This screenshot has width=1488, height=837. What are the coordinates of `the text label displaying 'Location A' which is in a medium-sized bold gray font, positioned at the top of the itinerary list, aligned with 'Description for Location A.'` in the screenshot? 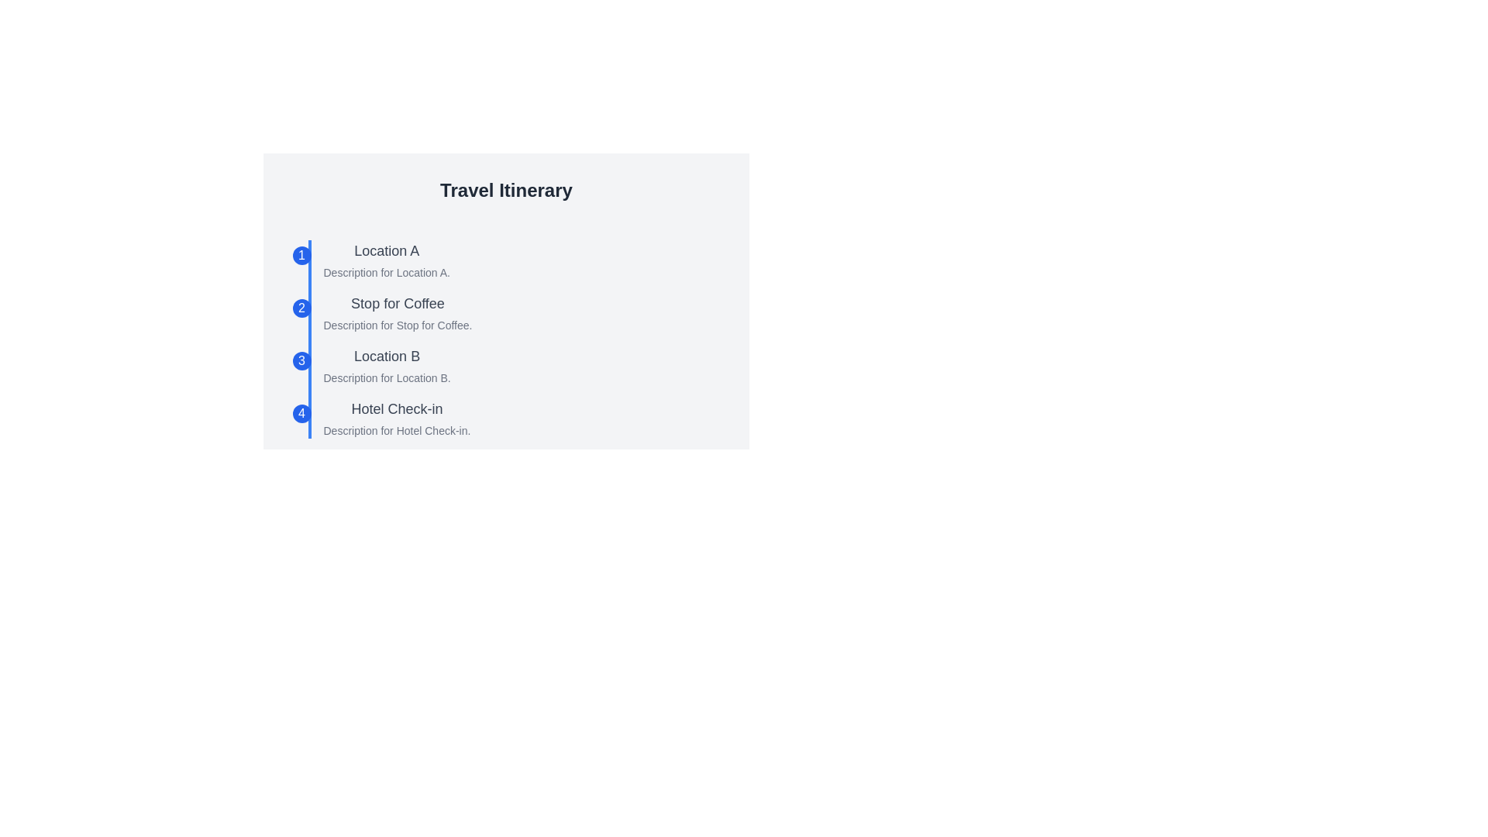 It's located at (387, 250).